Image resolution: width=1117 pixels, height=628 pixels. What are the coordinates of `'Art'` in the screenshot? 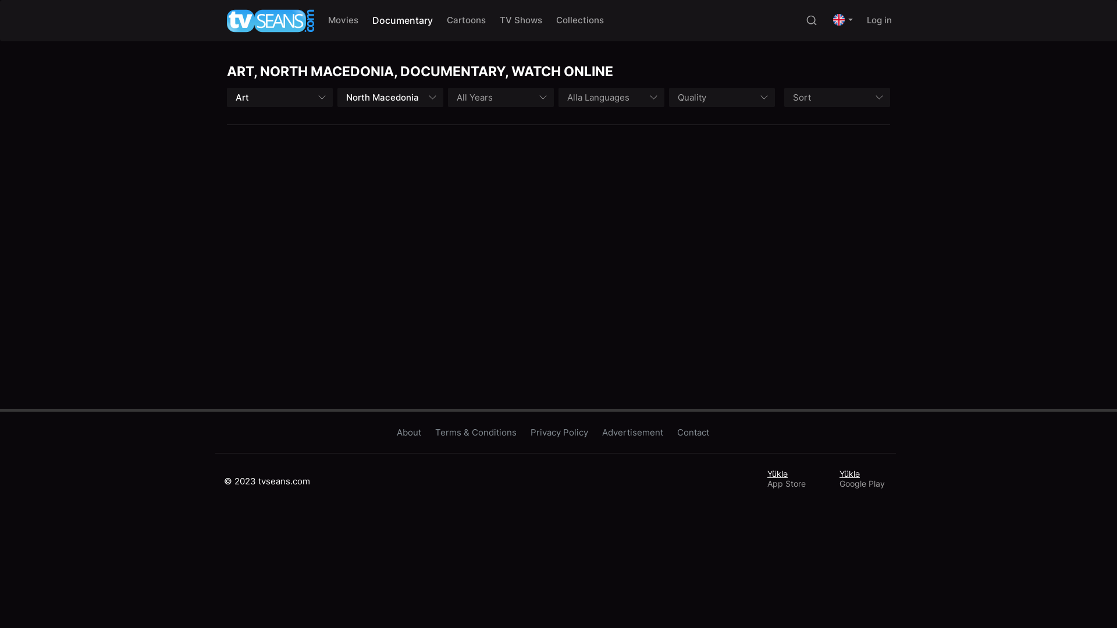 It's located at (279, 97).